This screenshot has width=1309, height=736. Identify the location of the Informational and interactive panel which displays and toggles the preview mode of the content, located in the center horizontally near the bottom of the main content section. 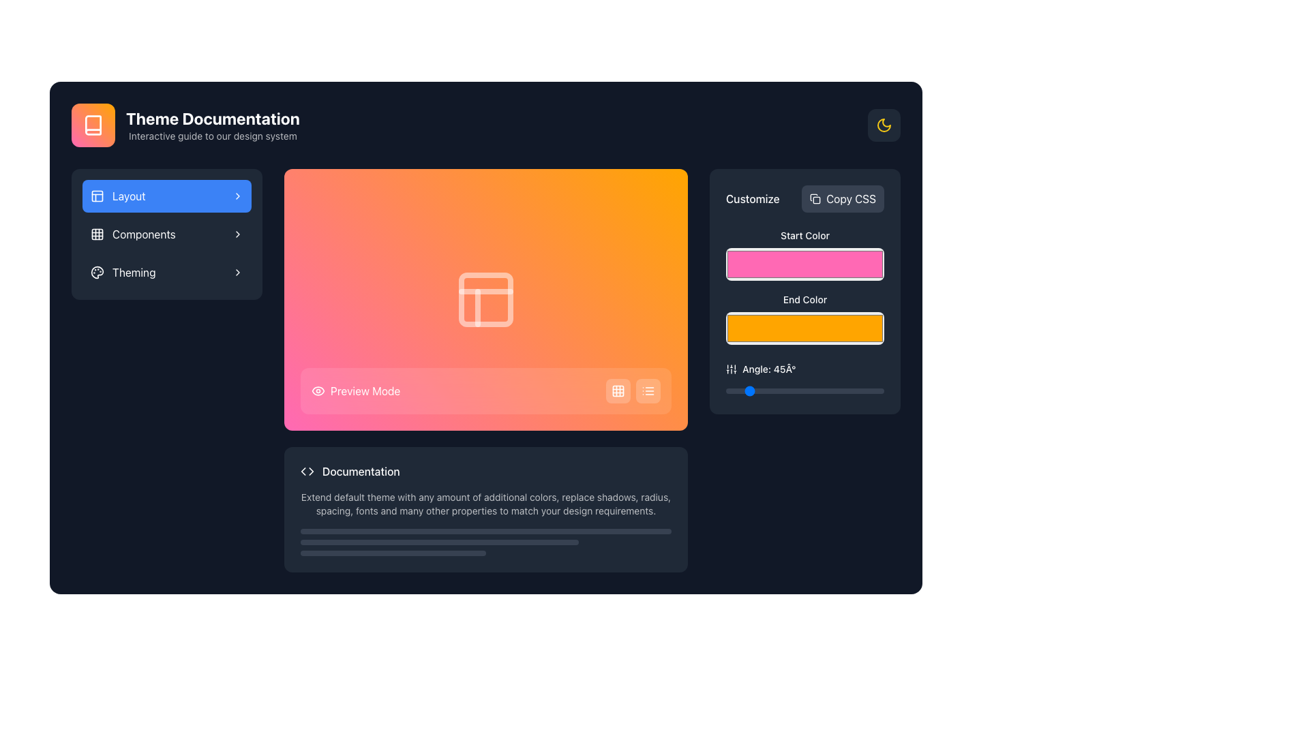
(486, 391).